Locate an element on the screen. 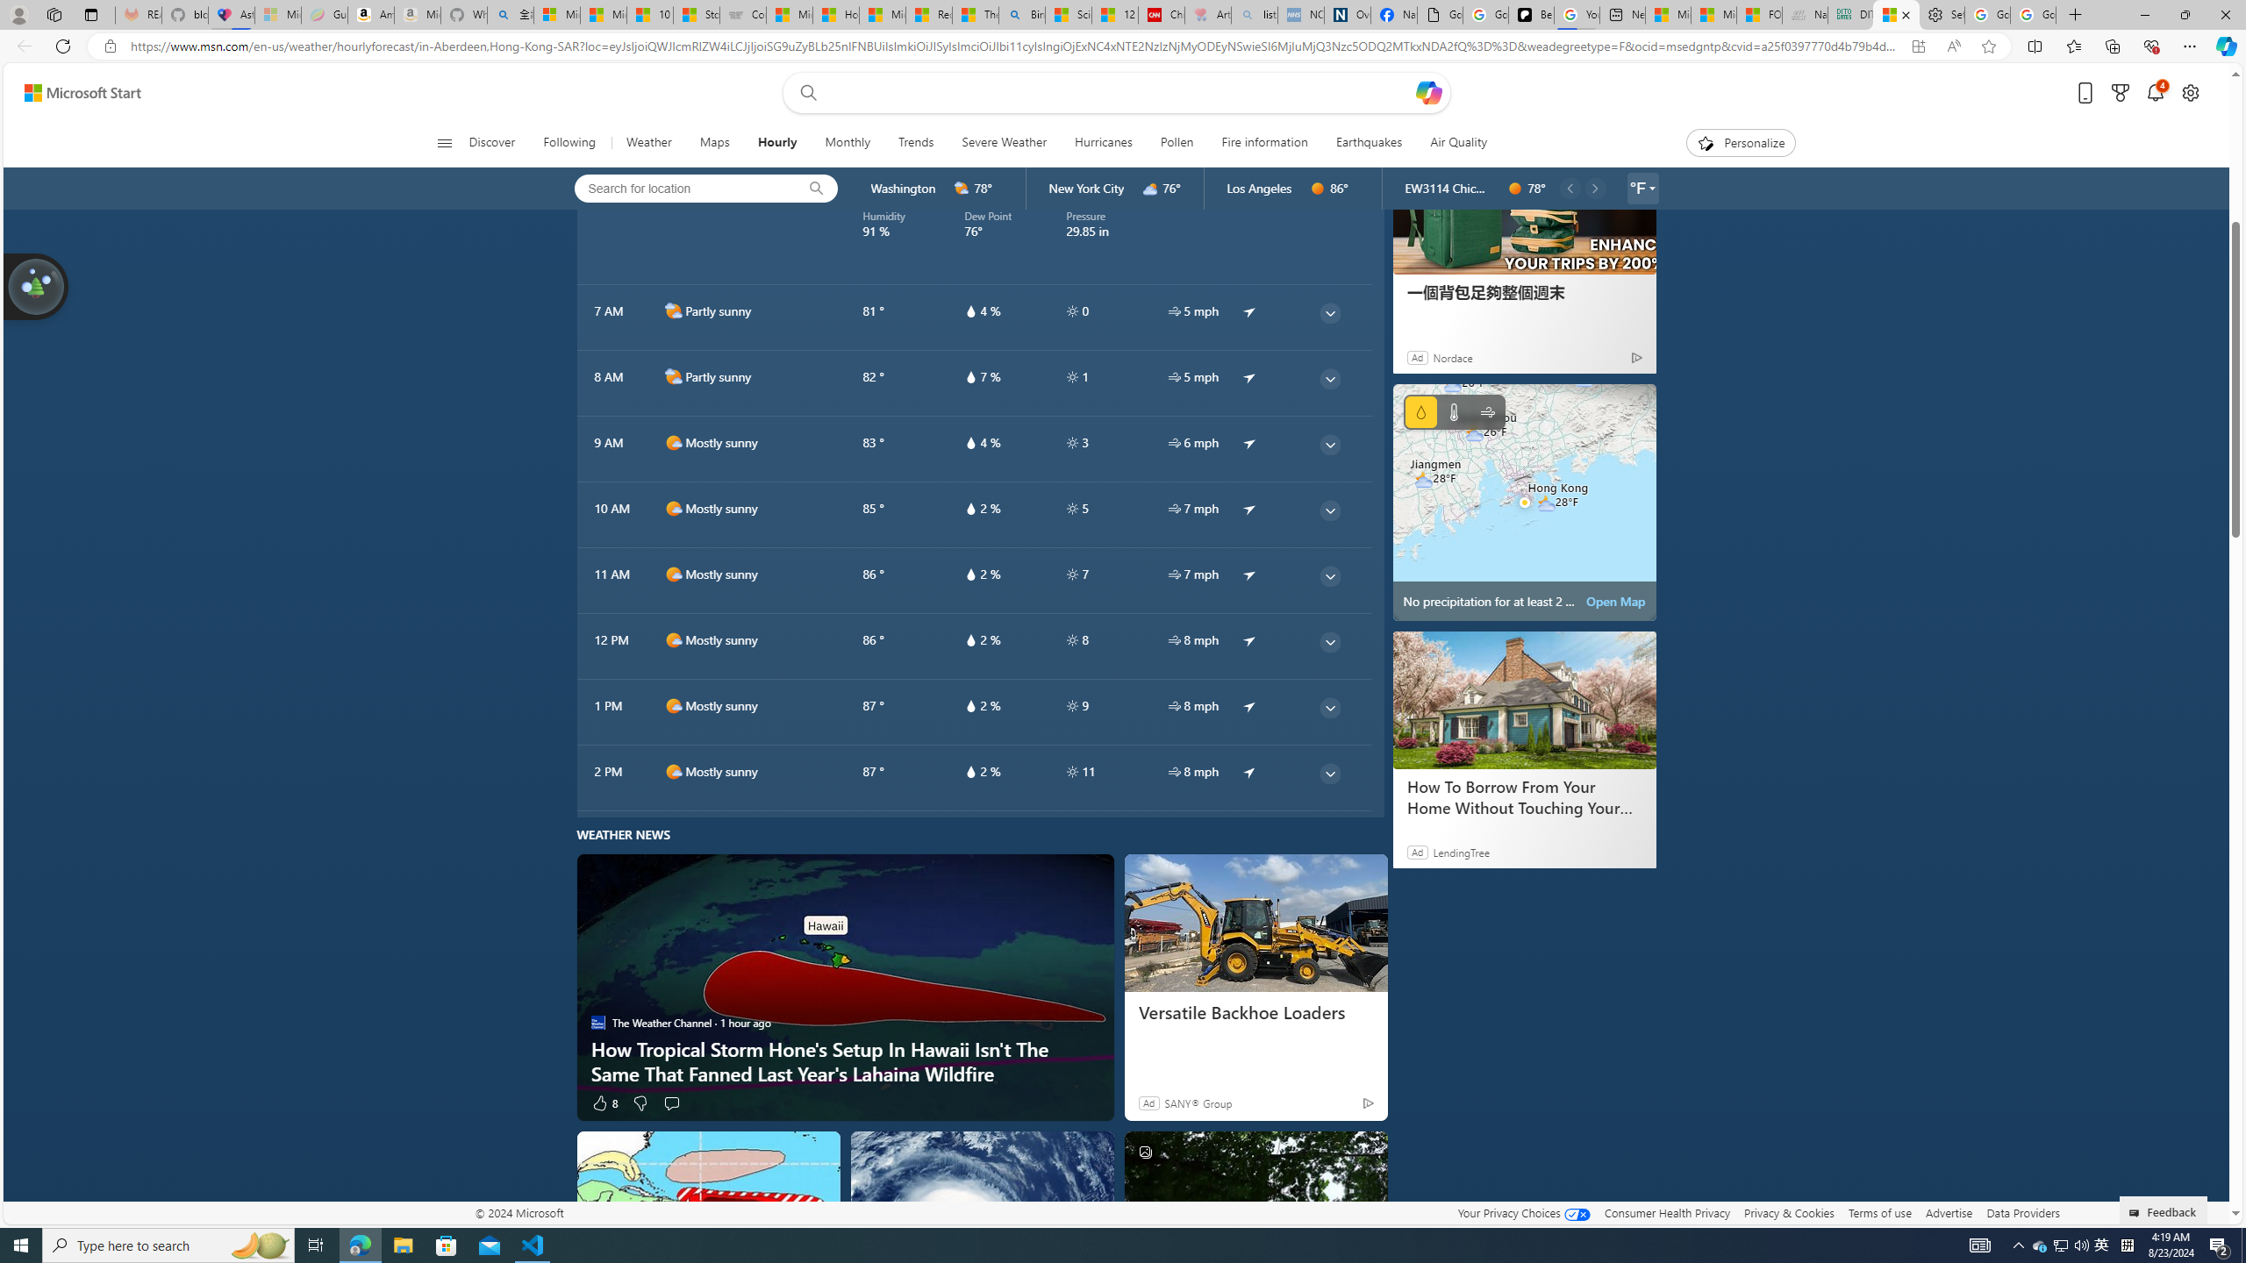  'Arthritis: Ask Health Professionals - Sleeping' is located at coordinates (1208, 14).